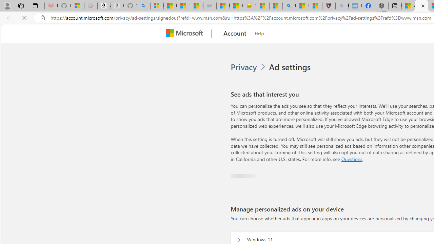  Describe the element at coordinates (289, 6) in the screenshot. I see `'Bing'` at that location.